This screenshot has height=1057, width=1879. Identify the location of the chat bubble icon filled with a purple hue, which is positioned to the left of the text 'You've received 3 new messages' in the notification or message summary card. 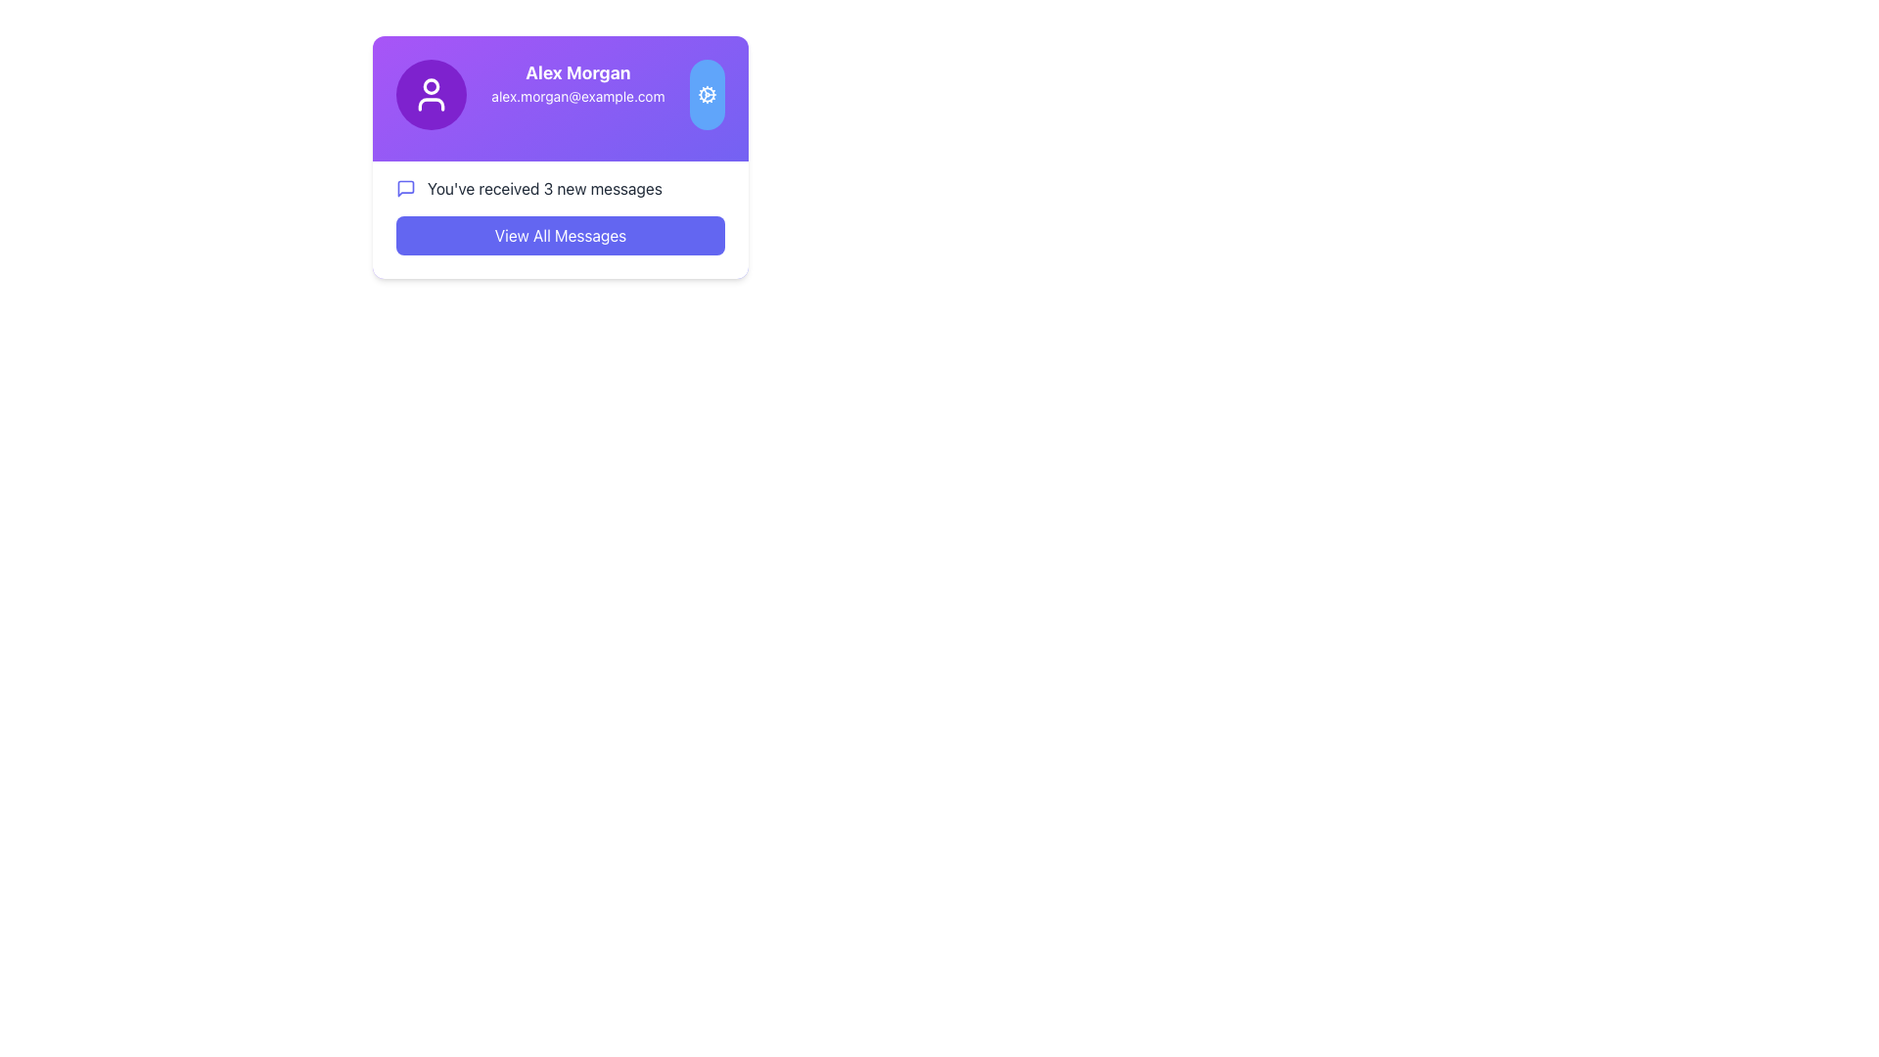
(404, 188).